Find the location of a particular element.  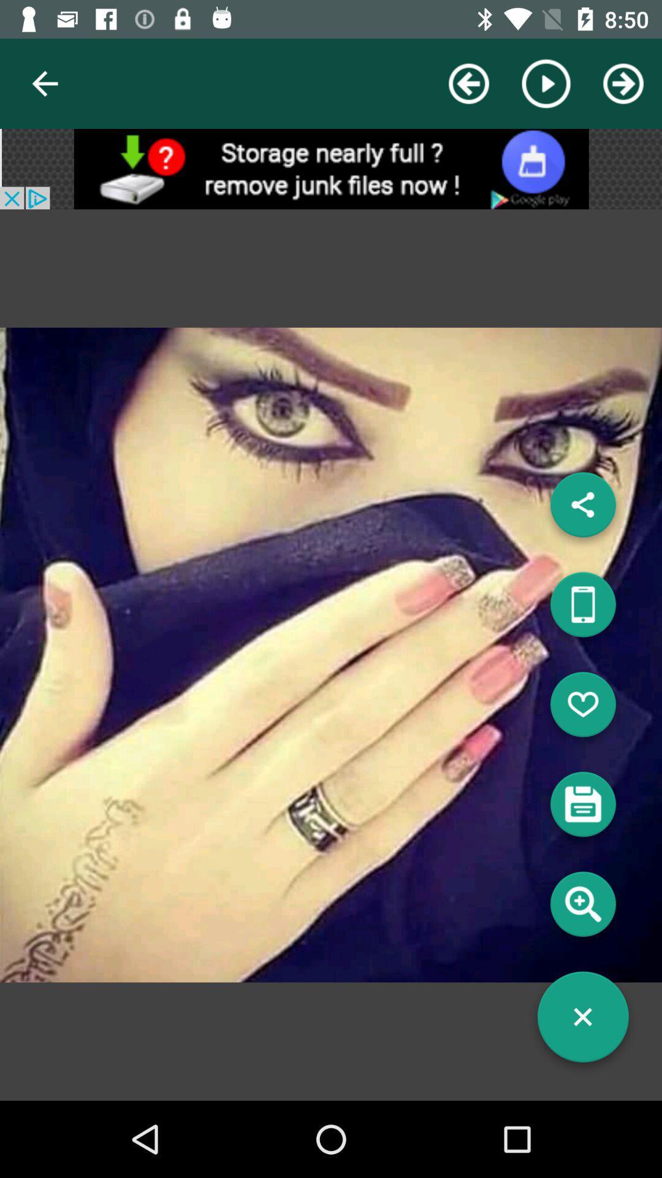

share is located at coordinates (582, 509).